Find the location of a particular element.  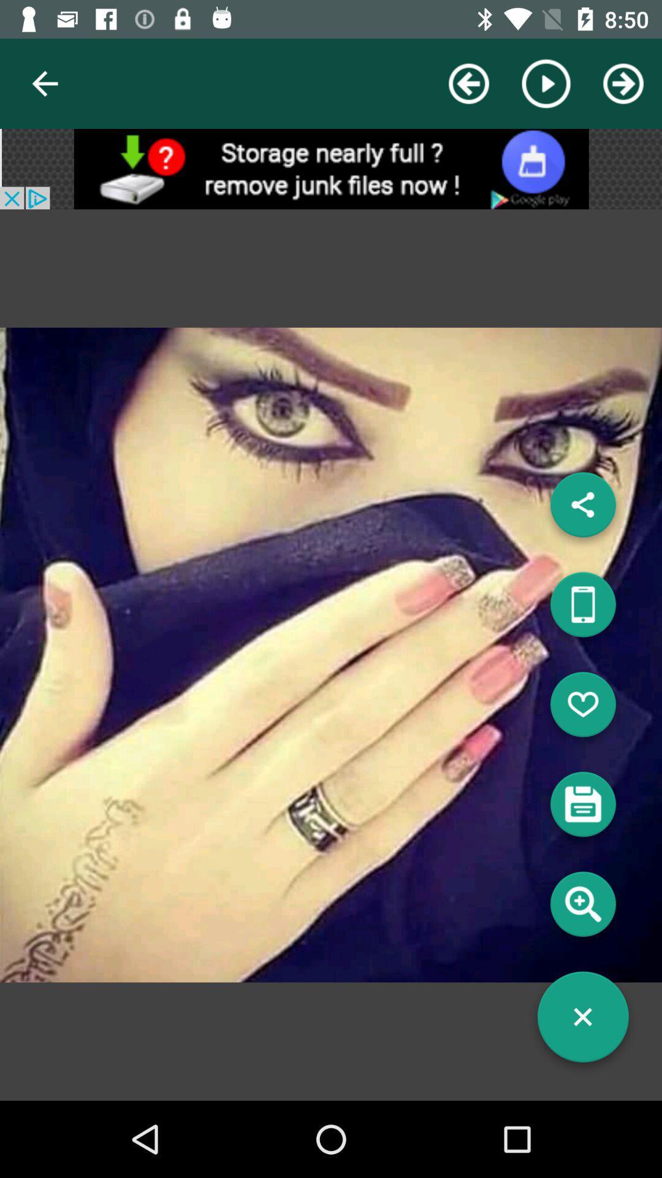

share is located at coordinates (582, 509).